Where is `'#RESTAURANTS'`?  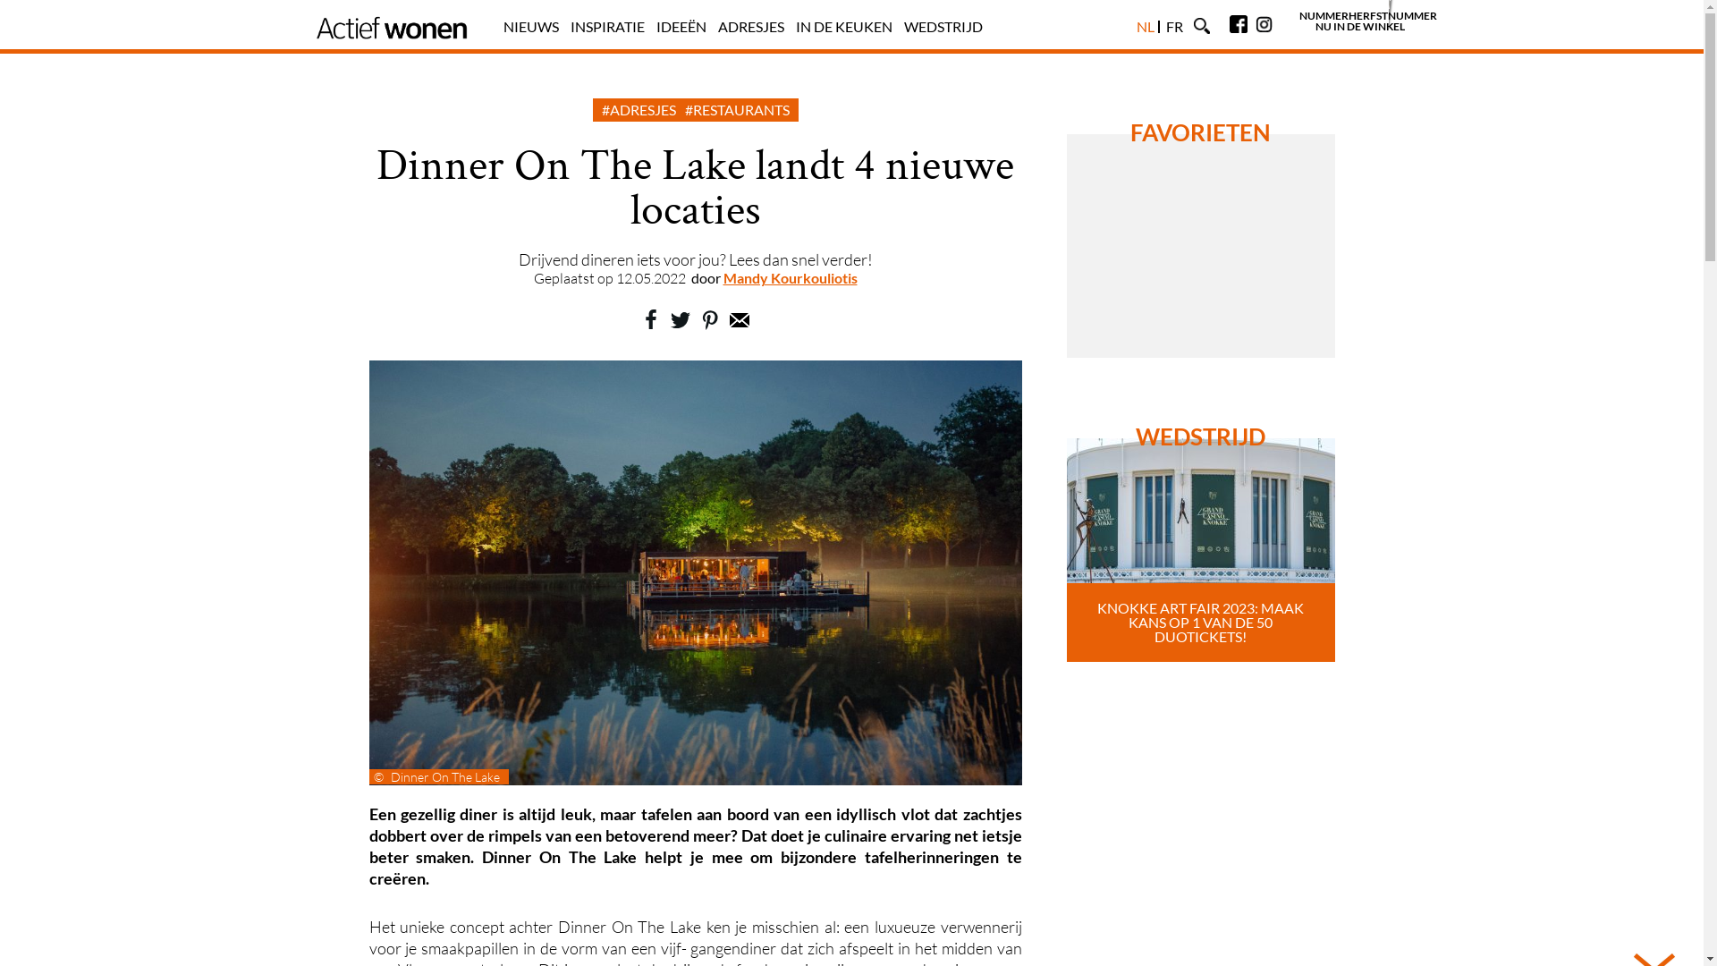 '#RESTAURANTS' is located at coordinates (737, 109).